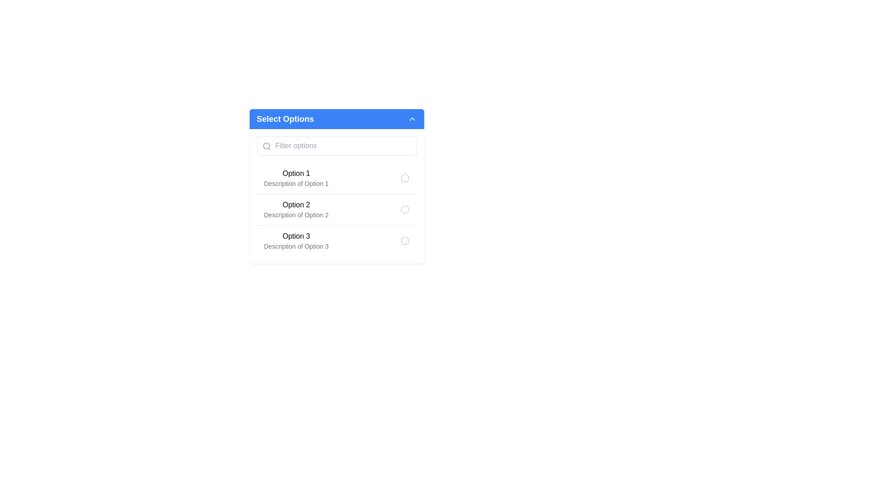  What do you see at coordinates (296, 215) in the screenshot?
I see `descriptive text label located below 'Option 2' in the dropdown menu, which provides additional information about this option` at bounding box center [296, 215].